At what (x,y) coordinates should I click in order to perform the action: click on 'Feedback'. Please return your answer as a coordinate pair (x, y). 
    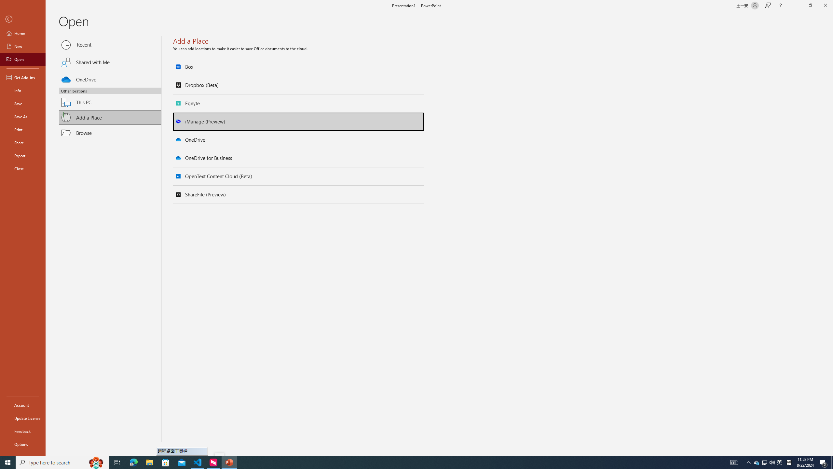
    Looking at the image, I should click on (22, 431).